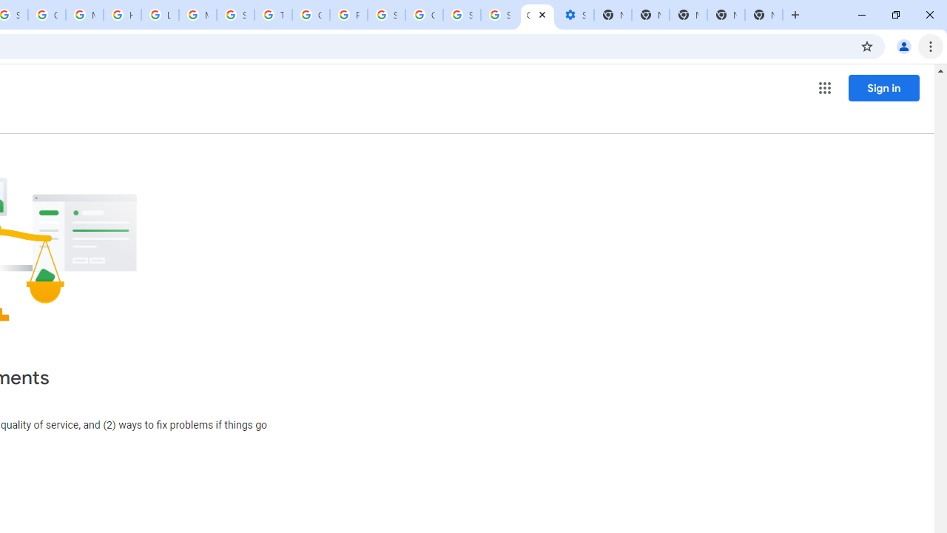  What do you see at coordinates (573, 15) in the screenshot?
I see `'Settings - Performance'` at bounding box center [573, 15].